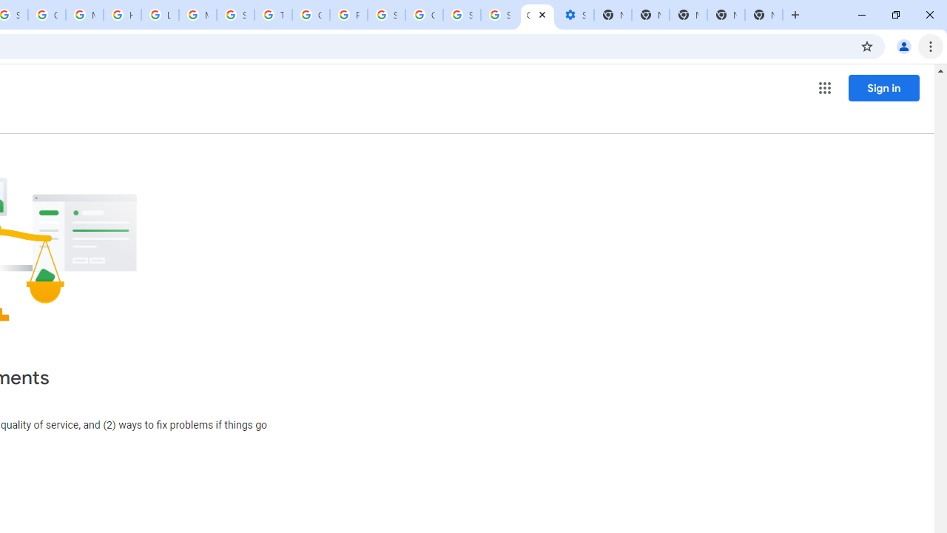  What do you see at coordinates (573, 15) in the screenshot?
I see `'Settings - Performance'` at bounding box center [573, 15].